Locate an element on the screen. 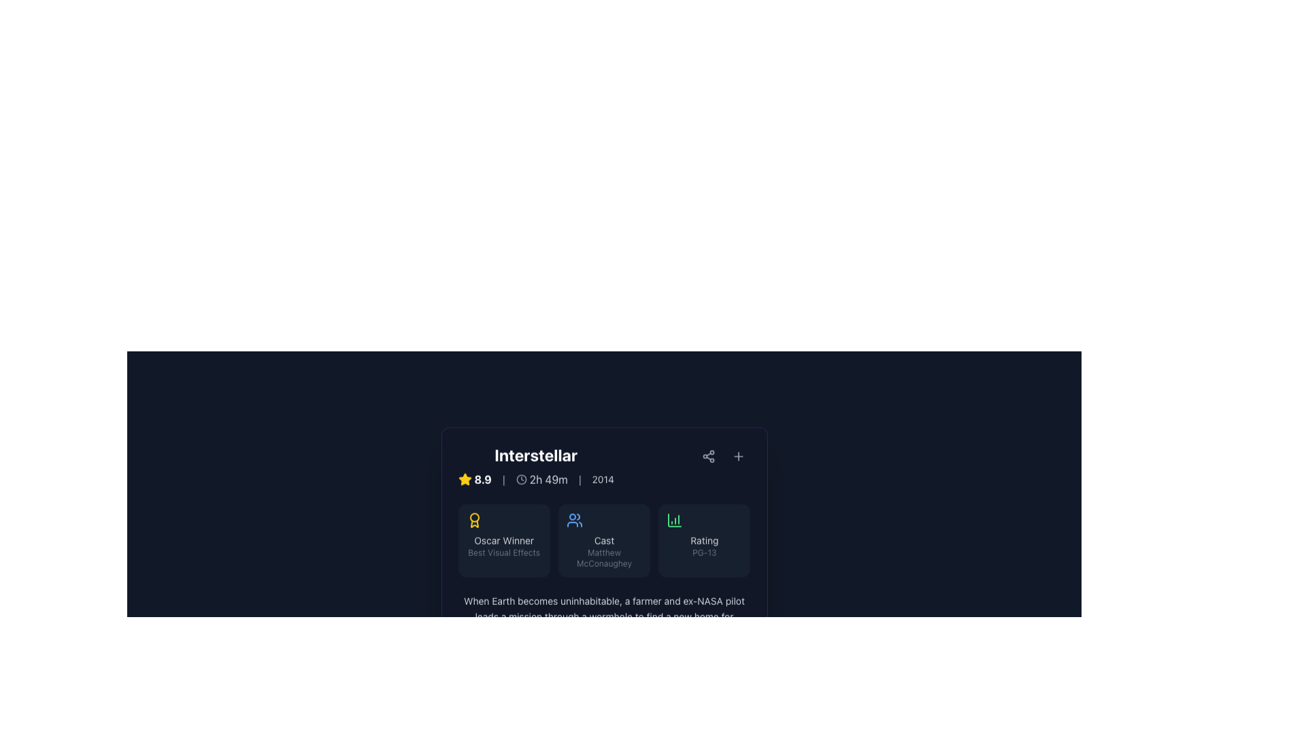 The width and height of the screenshot is (1306, 734). the stylized yellow star icon to rate it, located in the top right section of the card-like UI component is located at coordinates (465, 478).